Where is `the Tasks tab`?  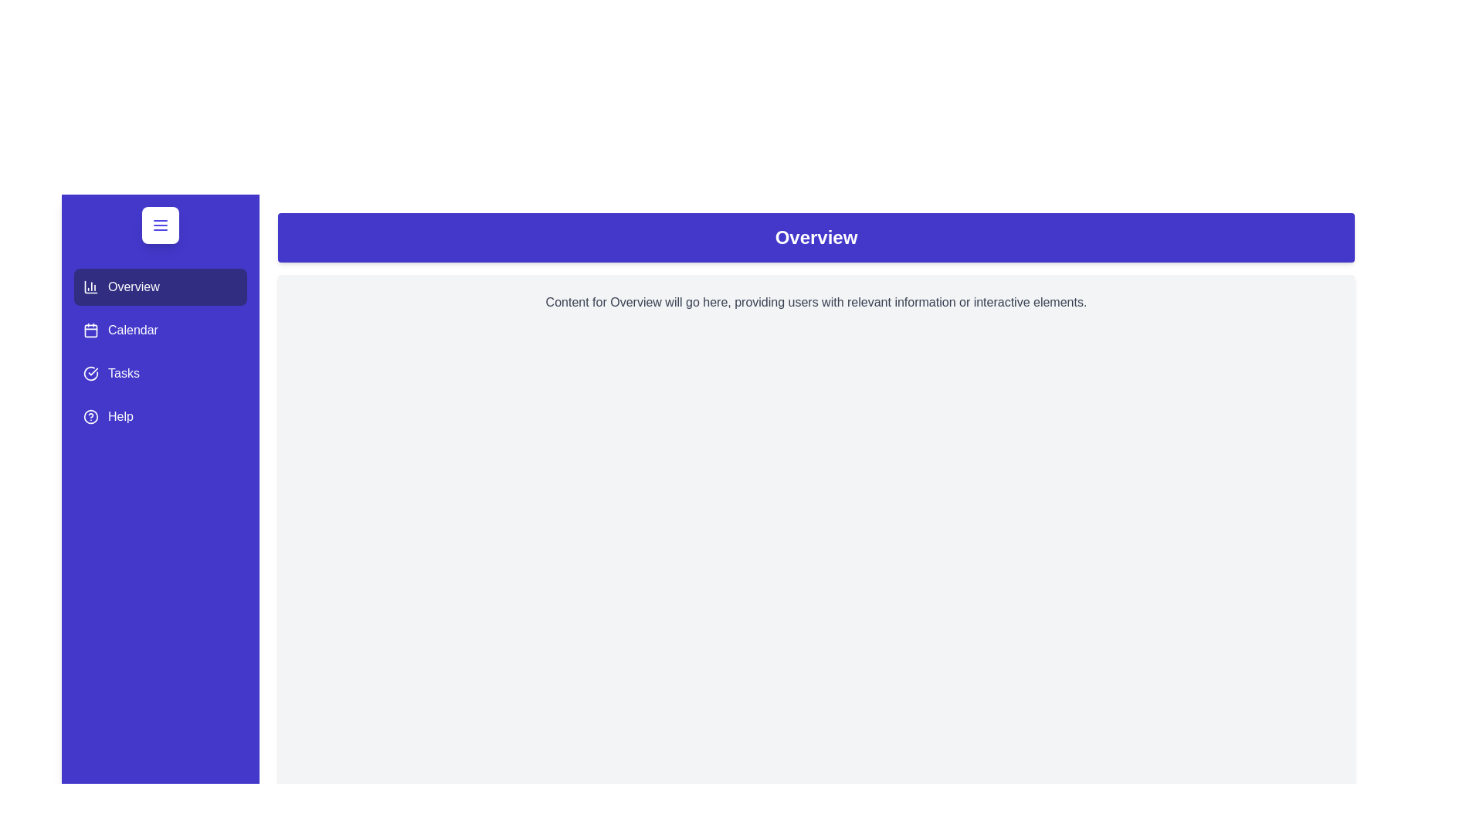 the Tasks tab is located at coordinates (160, 373).